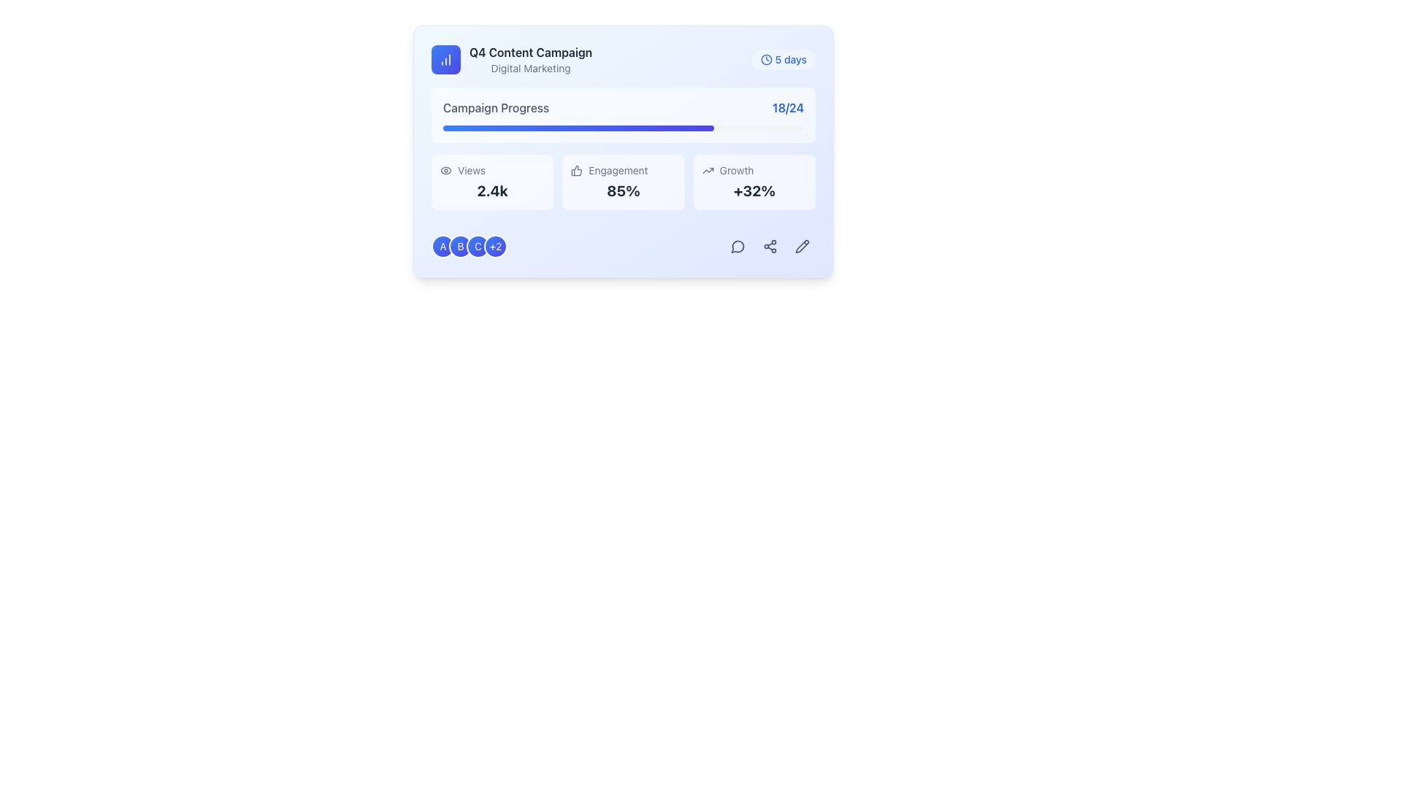  Describe the element at coordinates (802, 246) in the screenshot. I see `the edit button with an embedded SVG icon located in the lower-right corner of the card interface` at that location.